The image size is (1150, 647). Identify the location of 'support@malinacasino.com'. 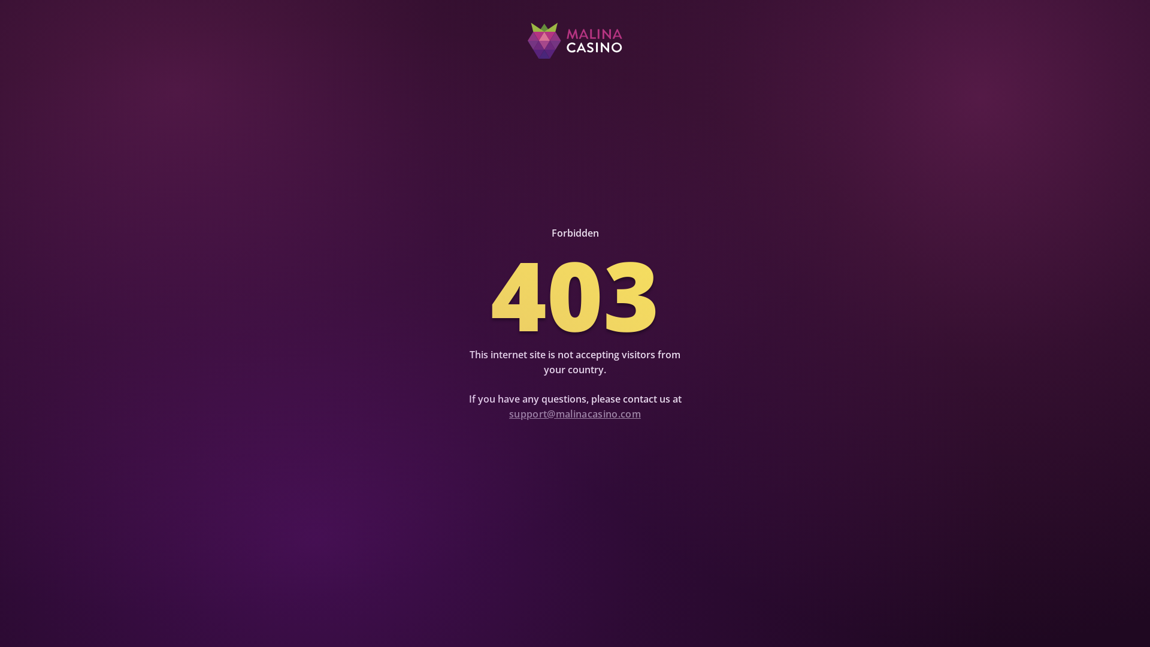
(575, 413).